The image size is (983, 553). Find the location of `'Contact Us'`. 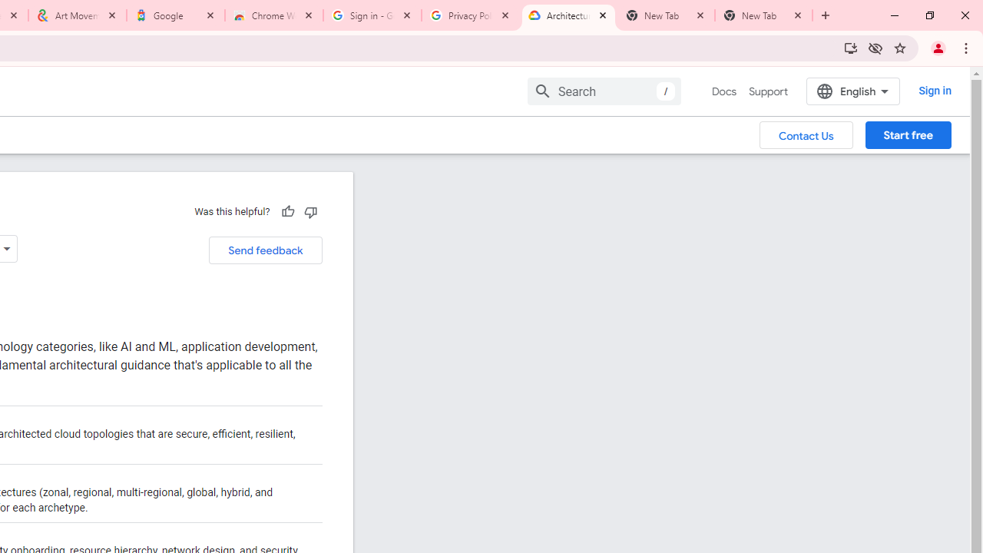

'Contact Us' is located at coordinates (806, 134).